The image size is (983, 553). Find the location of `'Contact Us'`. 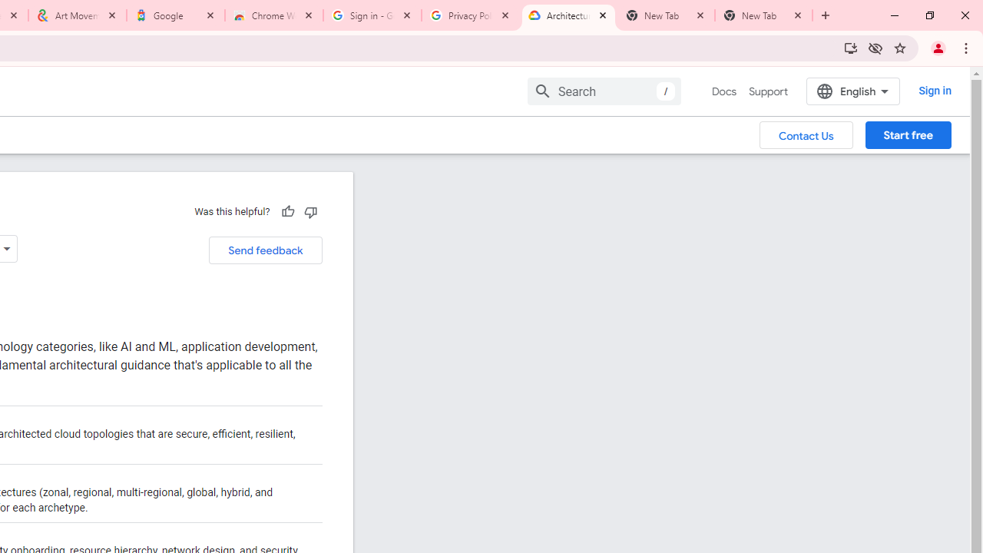

'Contact Us' is located at coordinates (806, 134).